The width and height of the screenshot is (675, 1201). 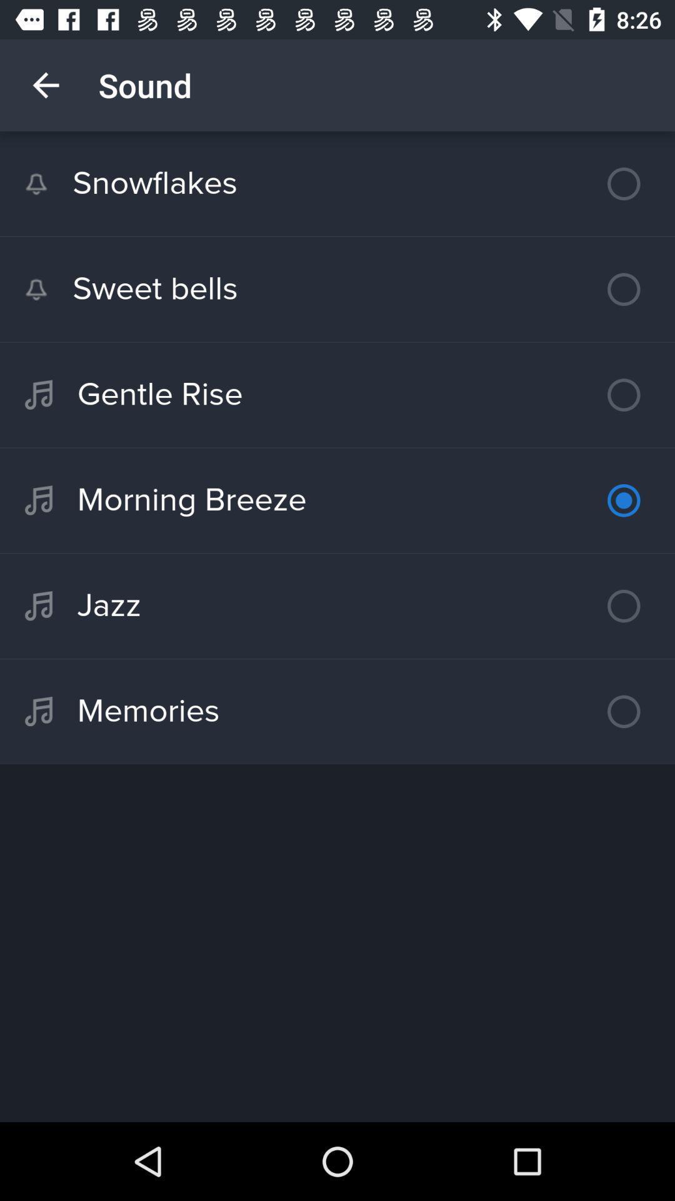 What do you see at coordinates (337, 288) in the screenshot?
I see `the item above gentle rise item` at bounding box center [337, 288].